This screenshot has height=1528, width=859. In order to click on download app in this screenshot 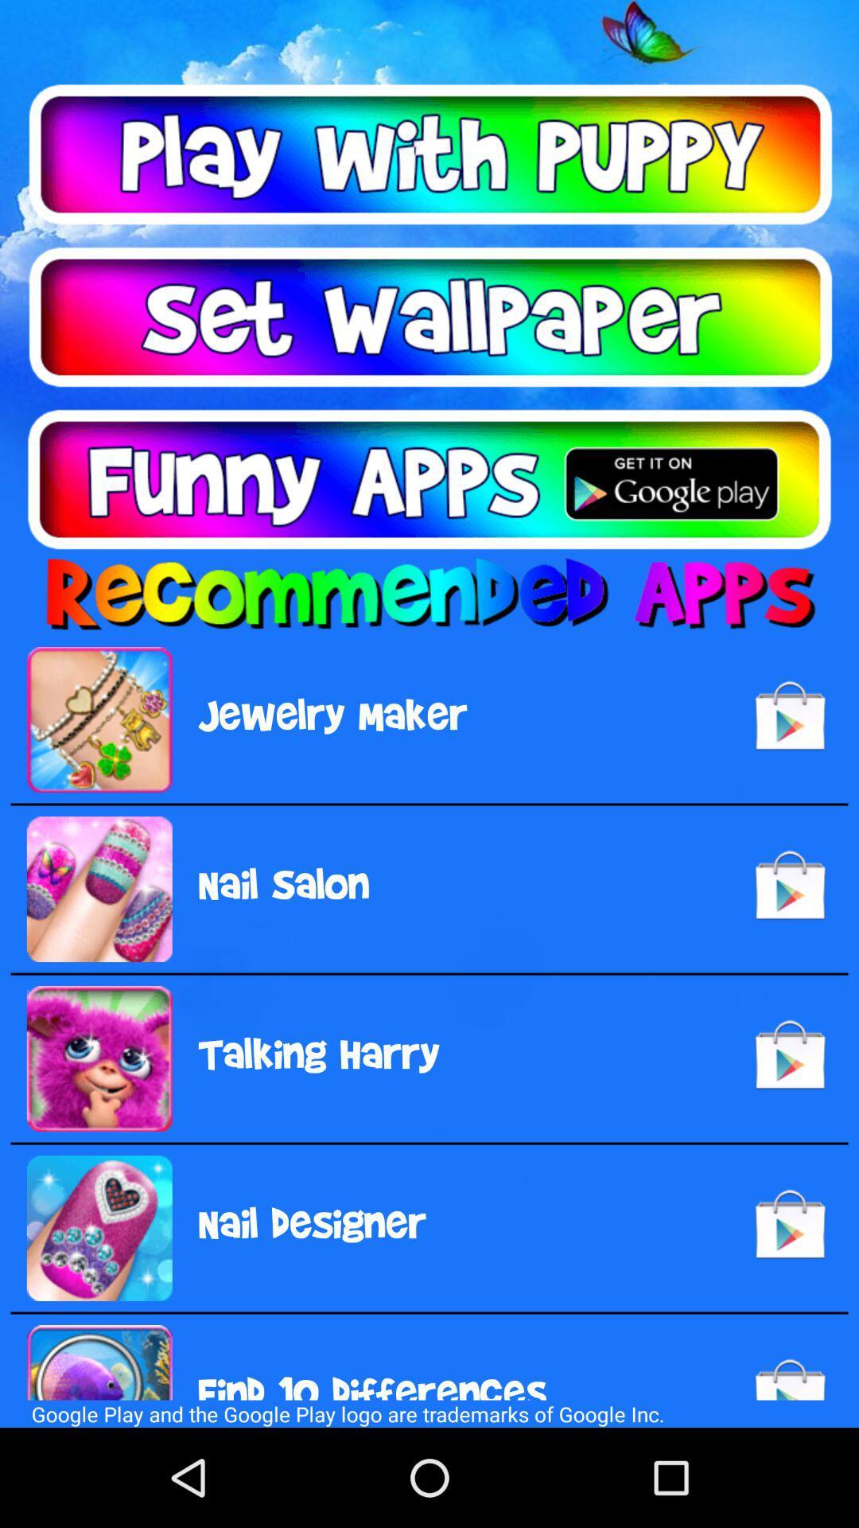, I will do `click(429, 478)`.